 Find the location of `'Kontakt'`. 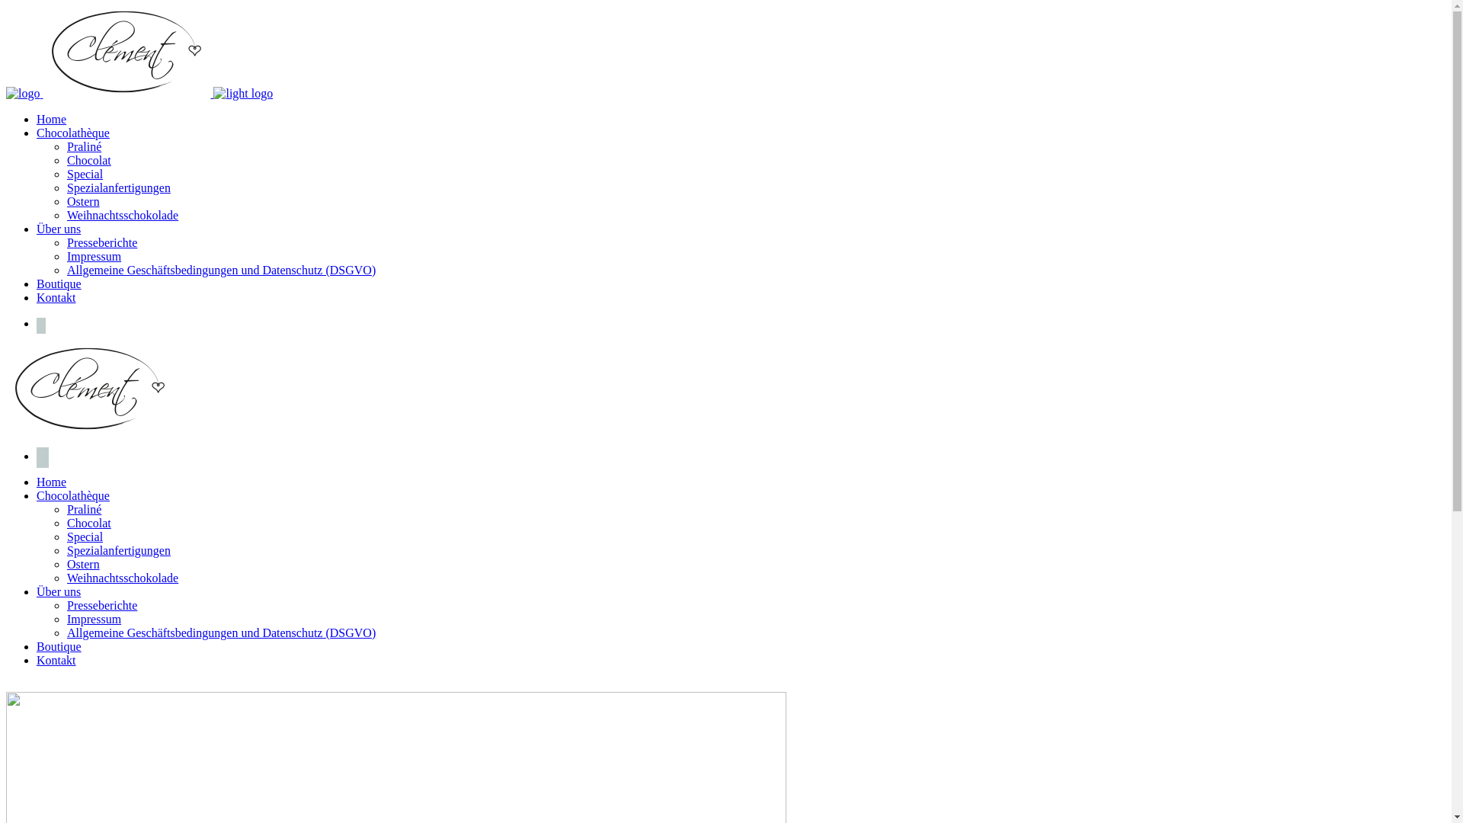

'Kontakt' is located at coordinates (37, 659).